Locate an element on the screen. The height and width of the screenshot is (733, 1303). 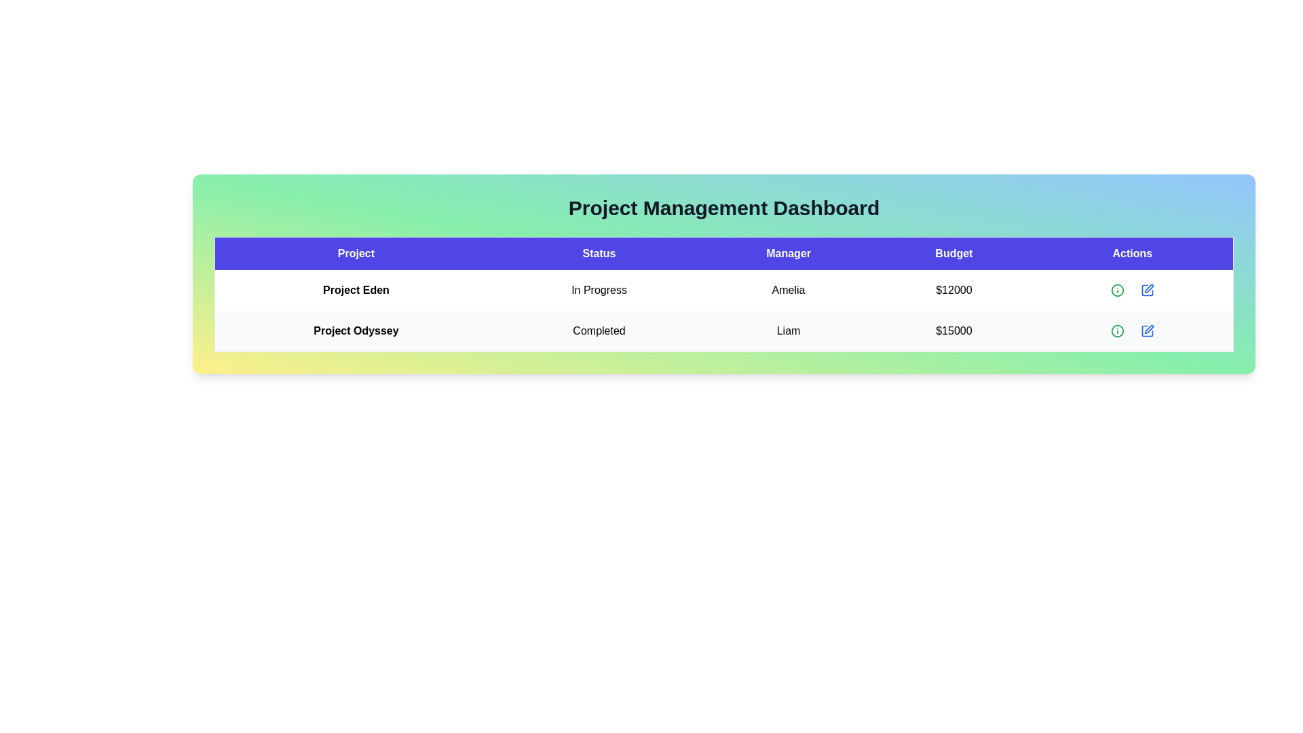
the TableCell displaying the budget value for 'Project Eden' in the second row and fourth column of the table is located at coordinates (953, 290).